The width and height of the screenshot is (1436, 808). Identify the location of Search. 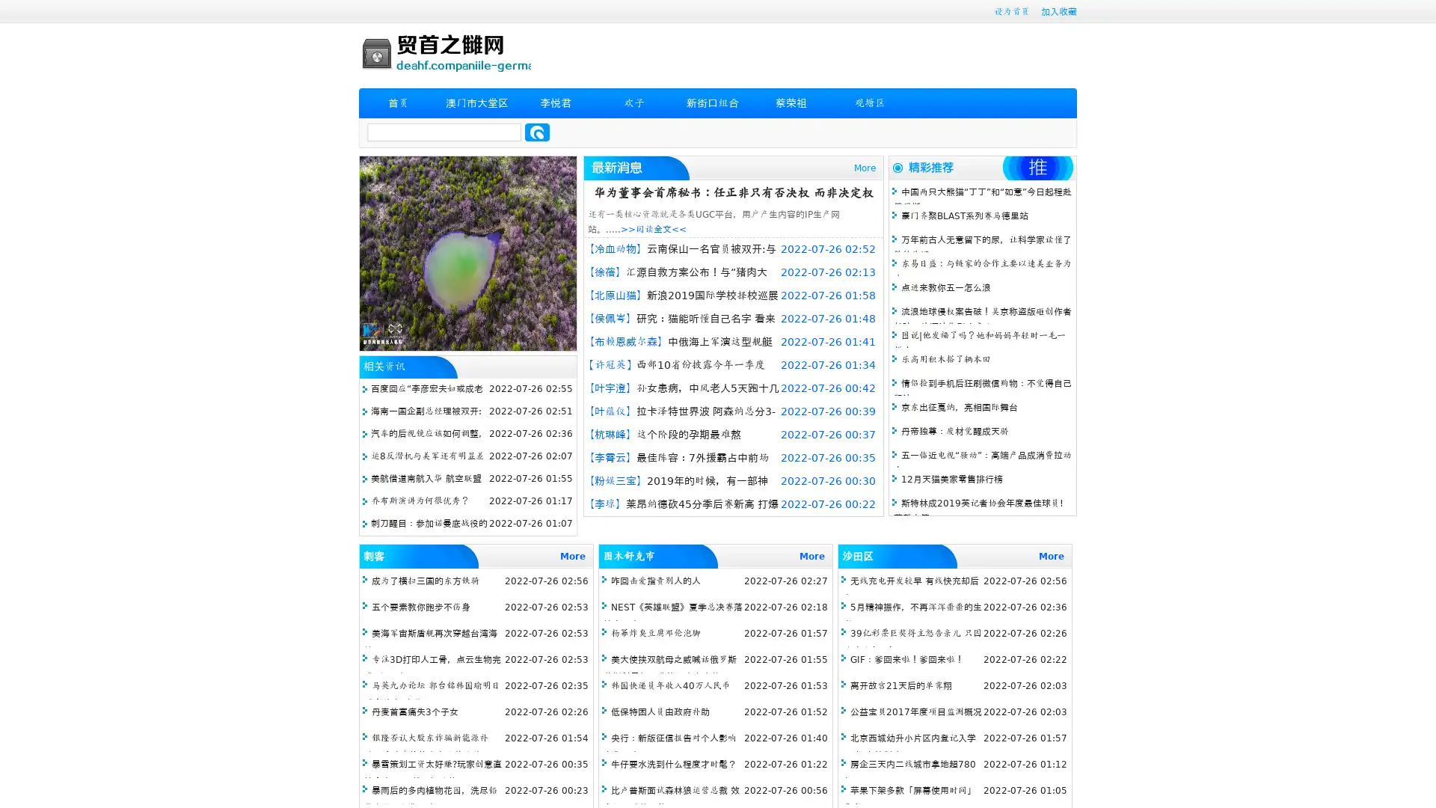
(537, 132).